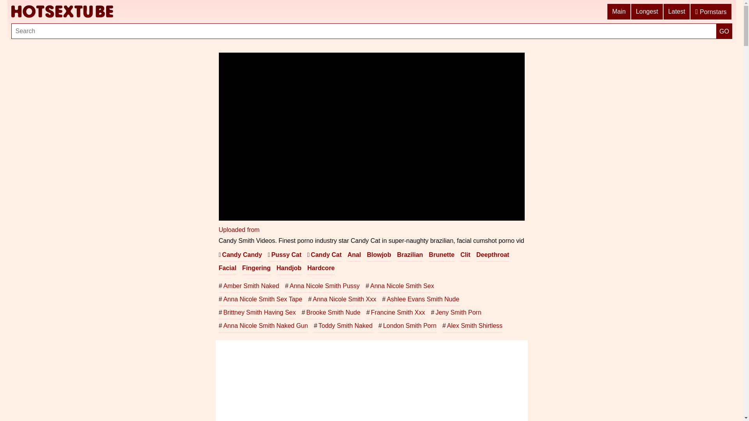  What do you see at coordinates (724, 31) in the screenshot?
I see `'GO'` at bounding box center [724, 31].